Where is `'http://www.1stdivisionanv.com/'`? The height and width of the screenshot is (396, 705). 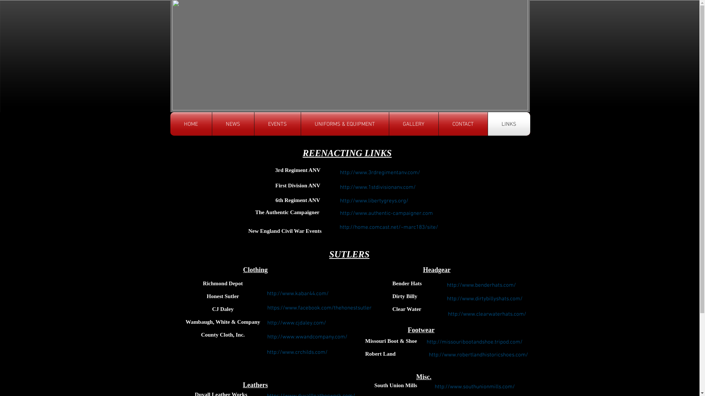
'http://www.1stdivisionanv.com/' is located at coordinates (377, 186).